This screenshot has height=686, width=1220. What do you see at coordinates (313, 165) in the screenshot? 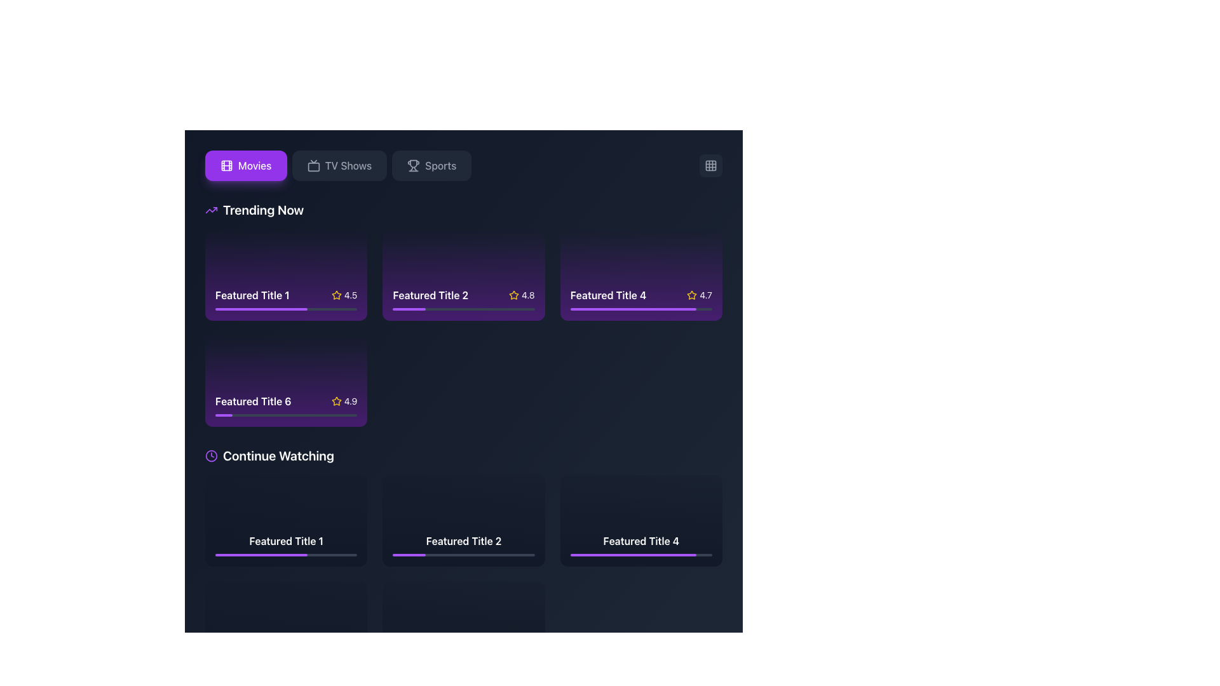
I see `the small, square television set icon with antennas located to the left of the 'TV Shows' button in the navigation bar` at bounding box center [313, 165].